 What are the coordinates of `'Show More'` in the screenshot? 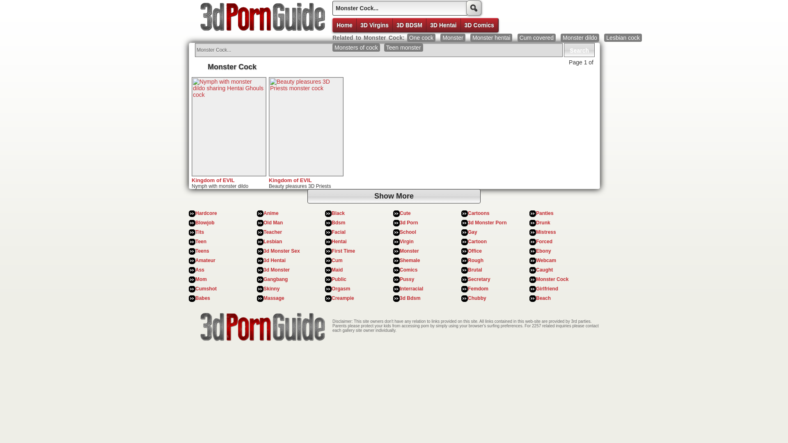 It's located at (394, 196).